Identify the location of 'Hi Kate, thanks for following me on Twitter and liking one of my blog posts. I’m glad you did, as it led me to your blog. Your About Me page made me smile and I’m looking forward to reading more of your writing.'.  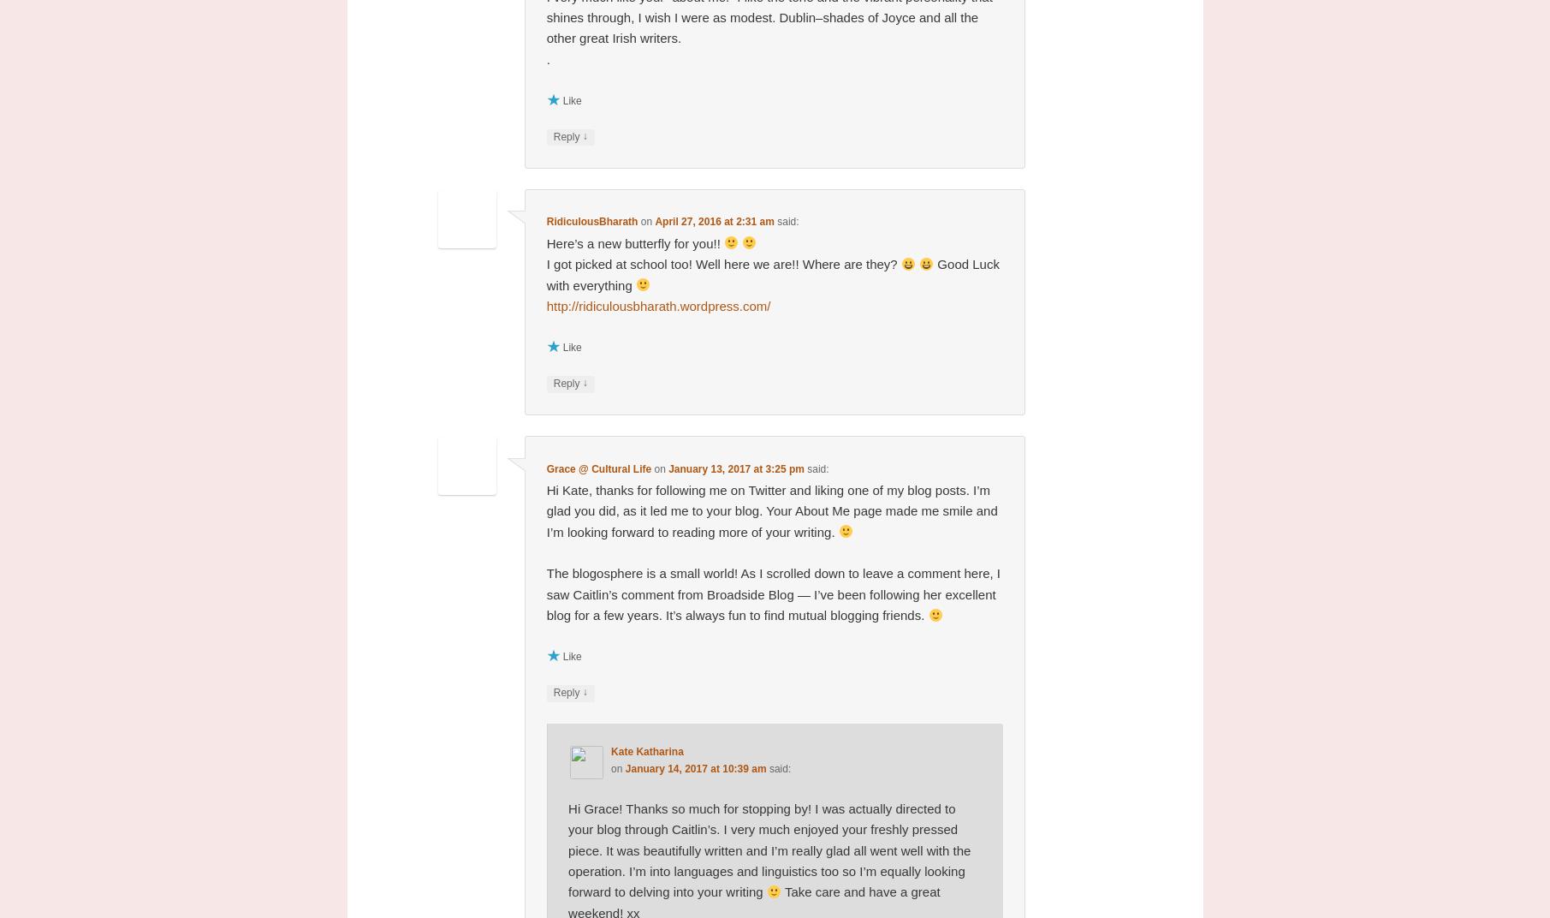
(771, 510).